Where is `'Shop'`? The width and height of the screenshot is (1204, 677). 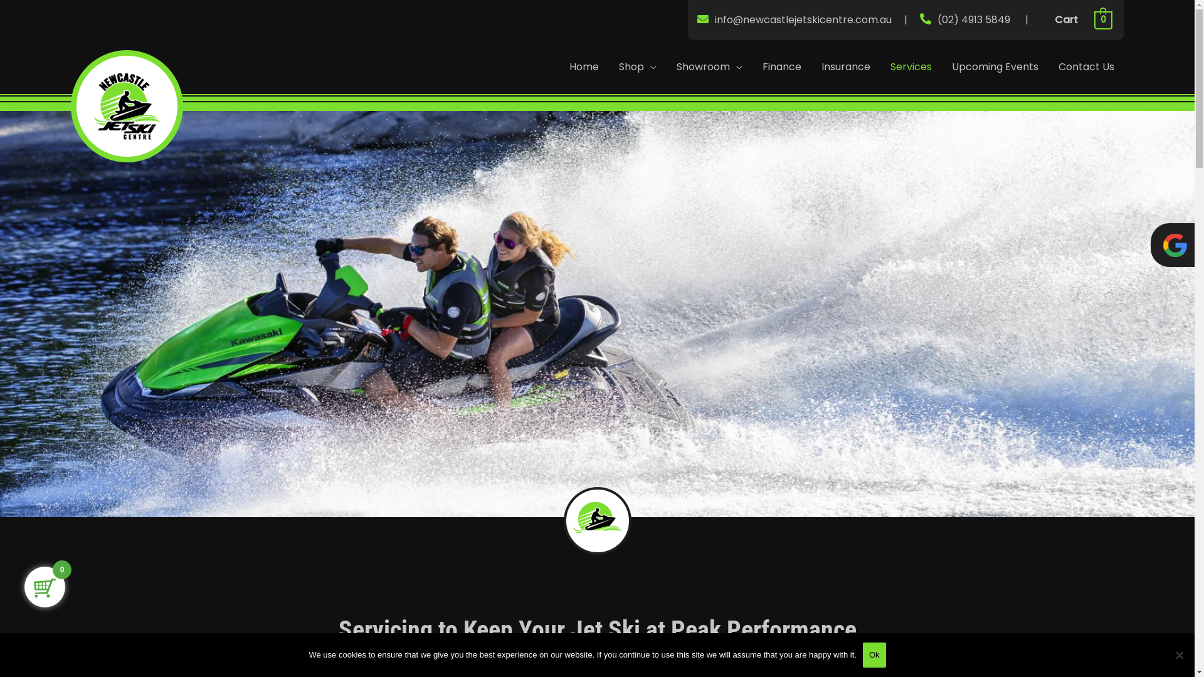 'Shop' is located at coordinates (608, 67).